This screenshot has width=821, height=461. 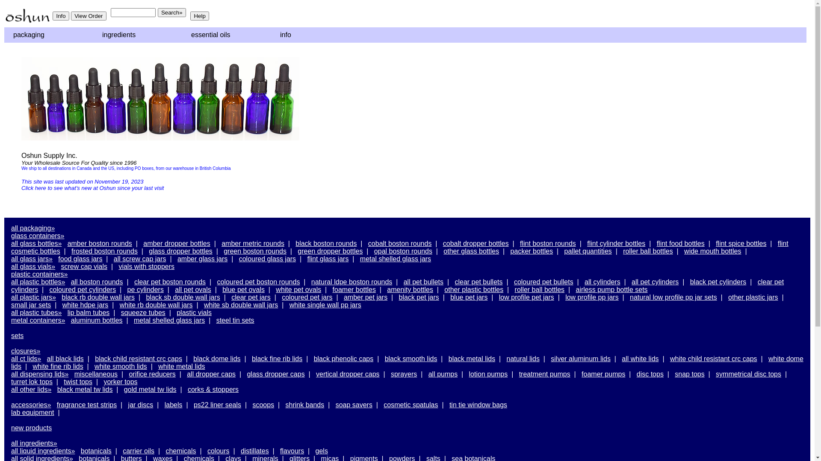 What do you see at coordinates (531, 251) in the screenshot?
I see `'packer bottles'` at bounding box center [531, 251].